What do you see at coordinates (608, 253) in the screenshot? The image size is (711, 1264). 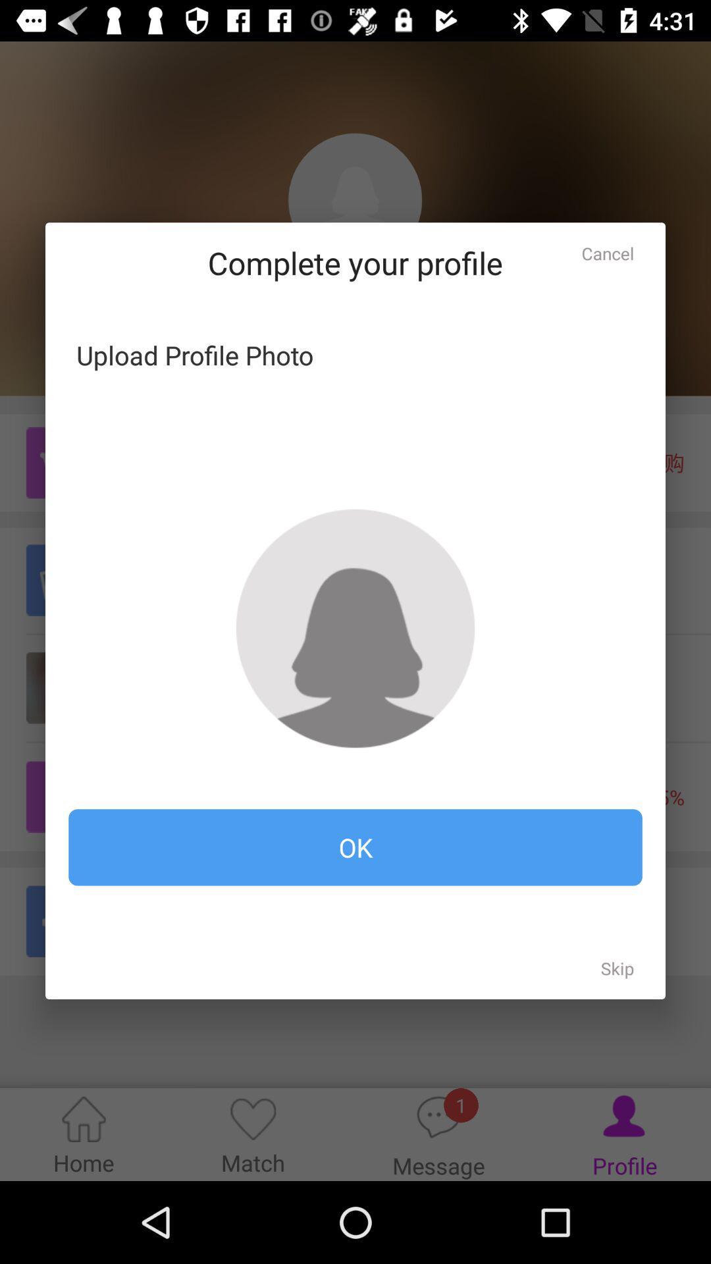 I see `item above ok icon` at bounding box center [608, 253].